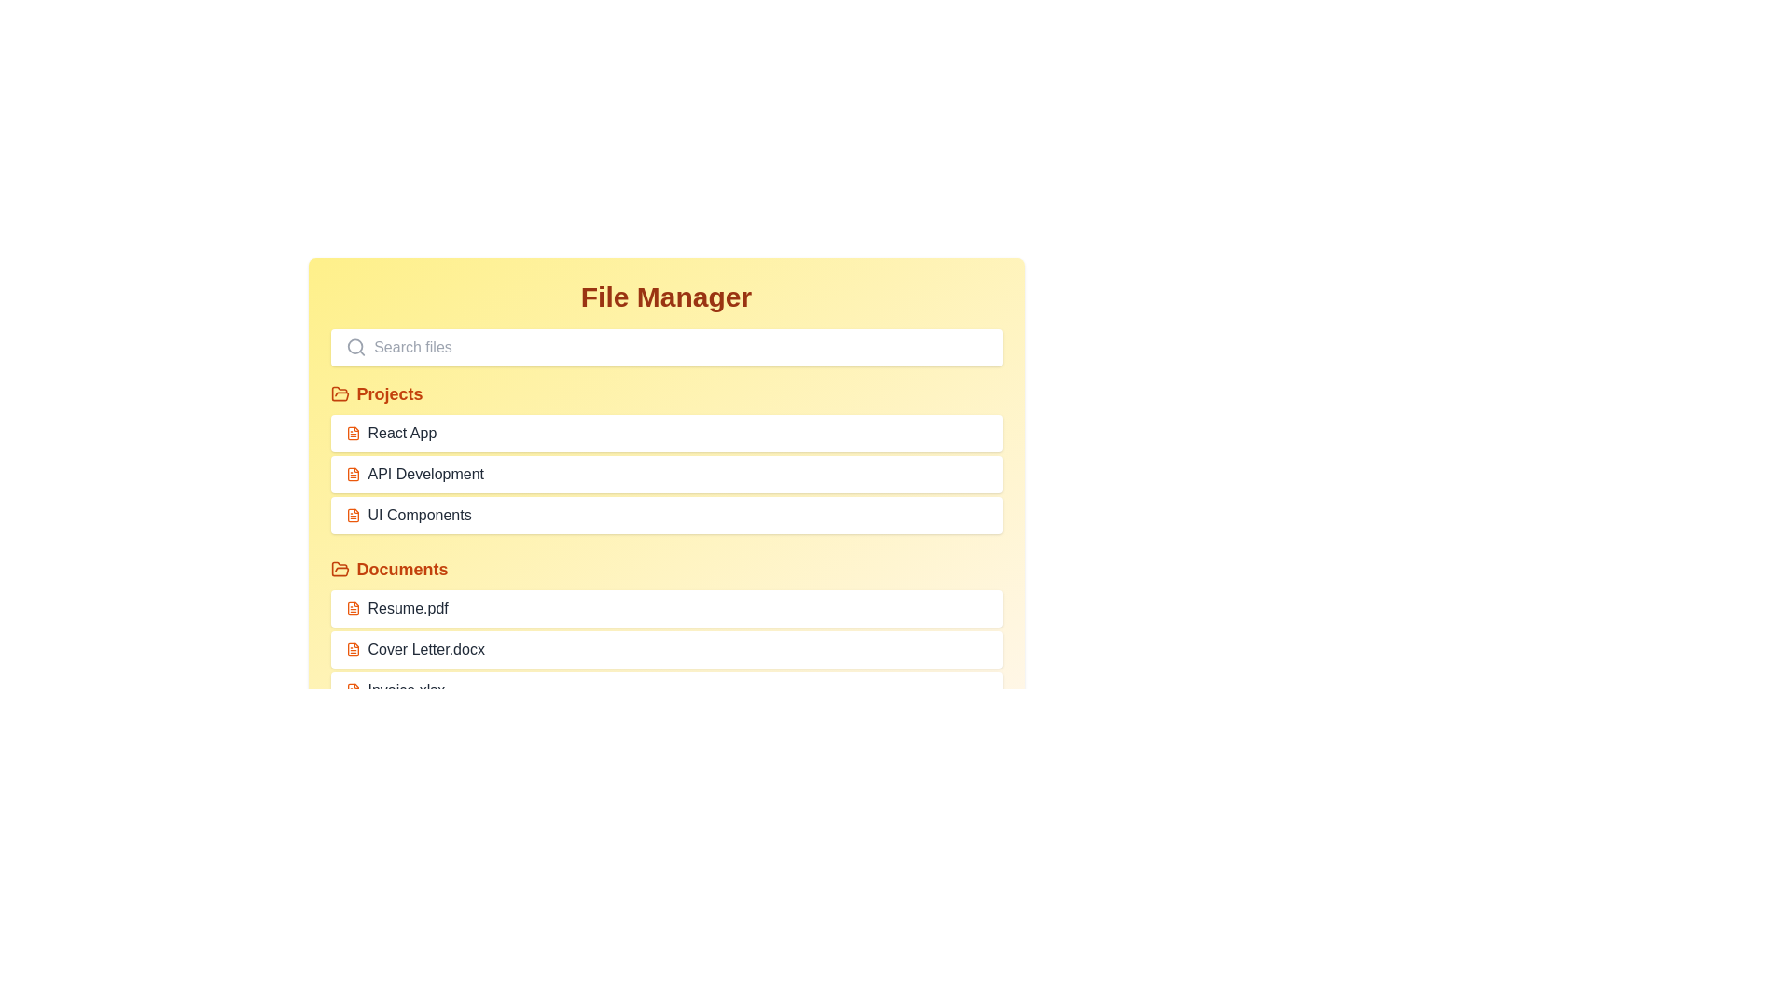 Image resolution: width=1791 pixels, height=1007 pixels. Describe the element at coordinates (666, 434) in the screenshot. I see `the file named React App to select it` at that location.